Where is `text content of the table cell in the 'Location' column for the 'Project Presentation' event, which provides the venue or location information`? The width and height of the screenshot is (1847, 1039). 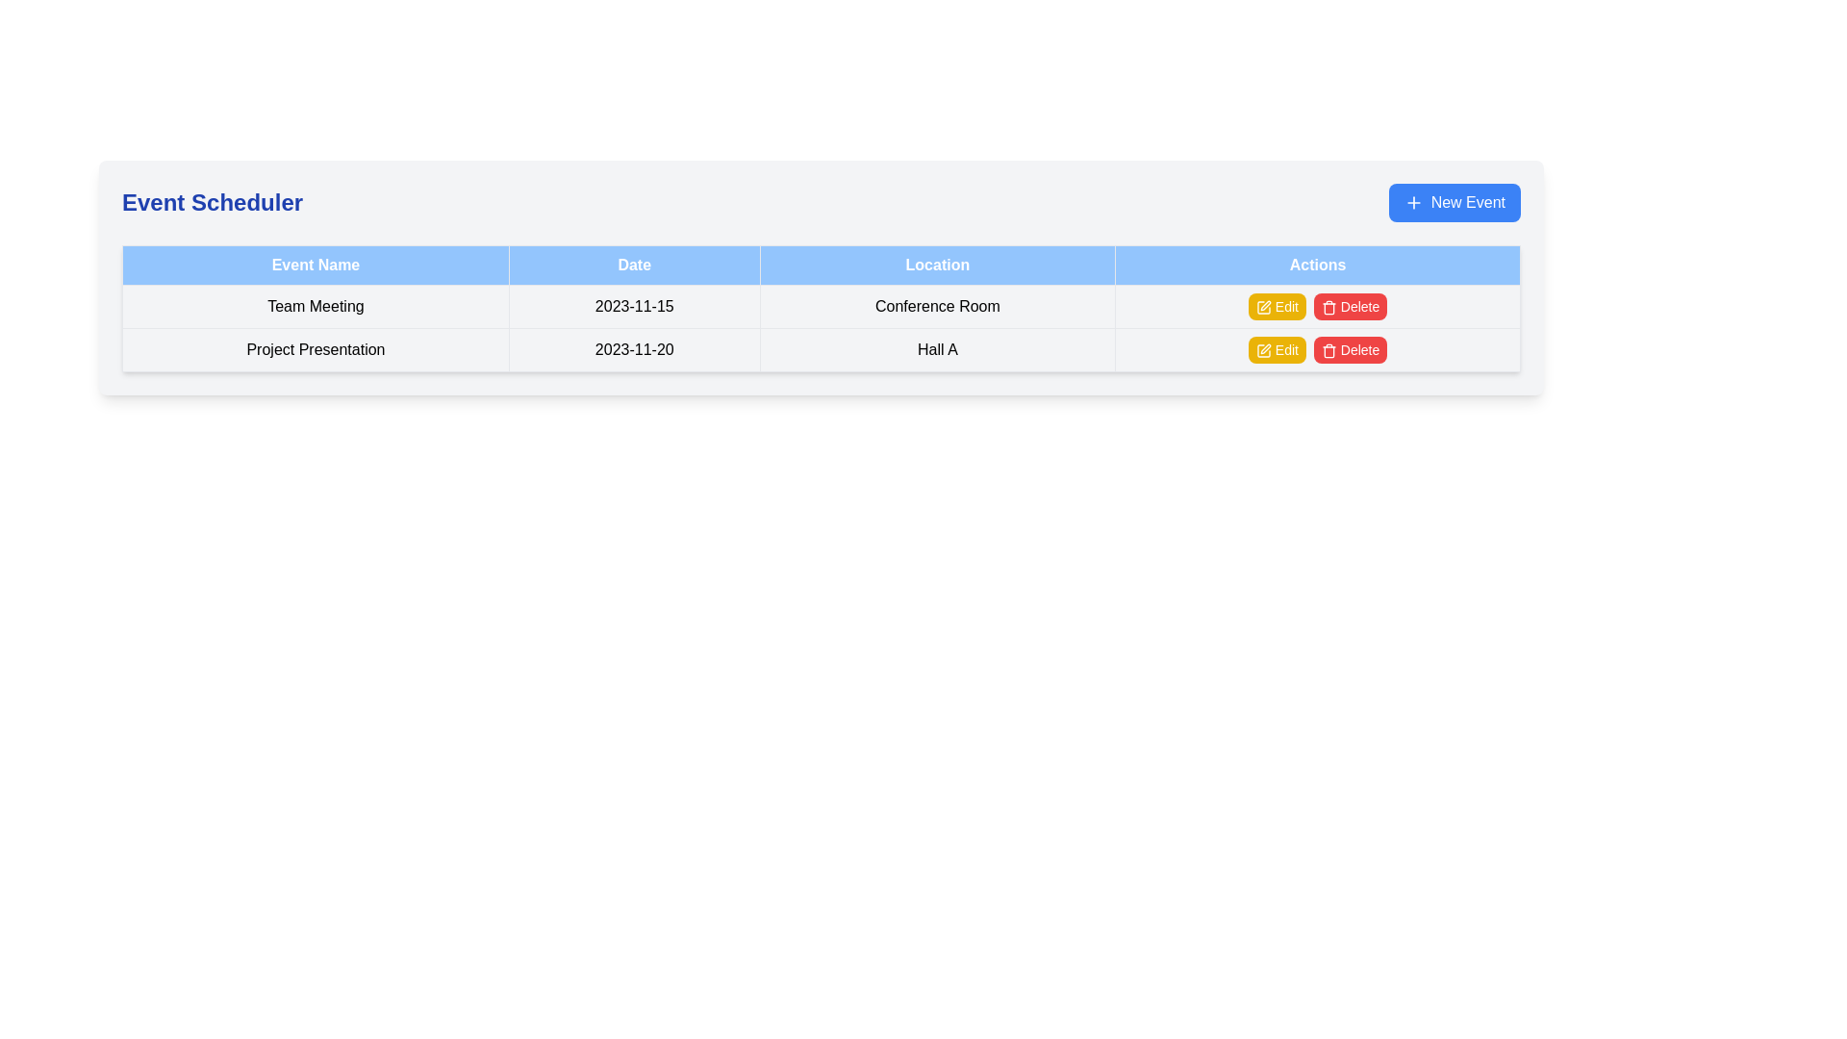
text content of the table cell in the 'Location' column for the 'Project Presentation' event, which provides the venue or location information is located at coordinates (937, 349).